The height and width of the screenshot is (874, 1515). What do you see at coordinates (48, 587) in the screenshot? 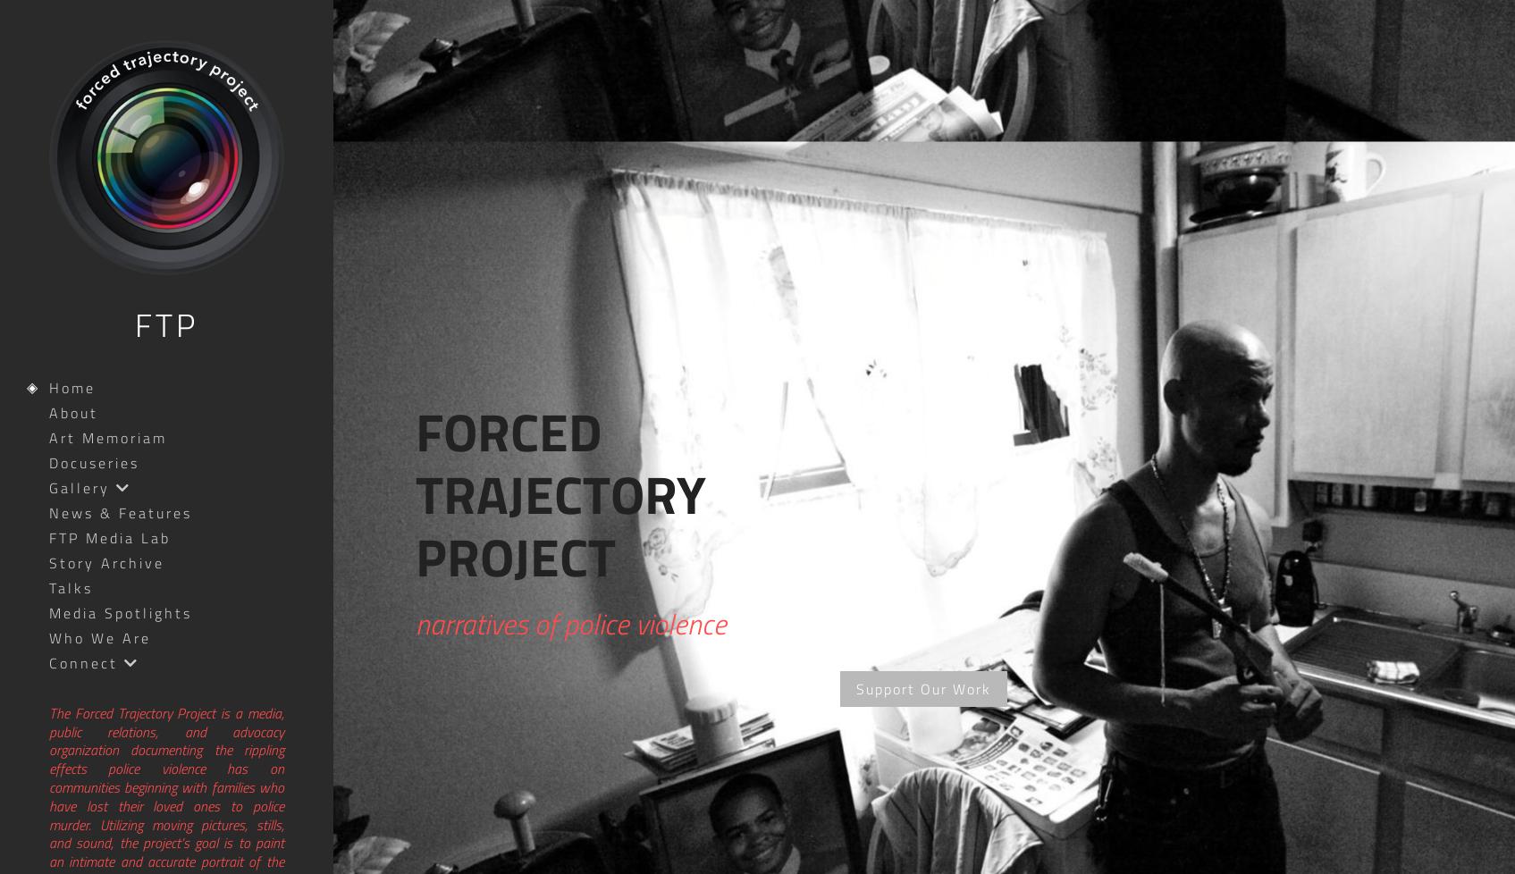
I see `'Talks'` at bounding box center [48, 587].